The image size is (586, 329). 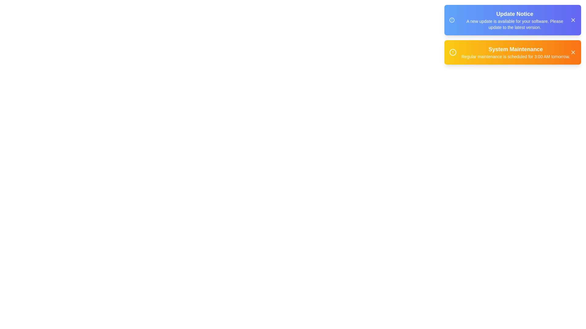 What do you see at coordinates (573, 19) in the screenshot?
I see `close button of the alert with title Update Notice` at bounding box center [573, 19].